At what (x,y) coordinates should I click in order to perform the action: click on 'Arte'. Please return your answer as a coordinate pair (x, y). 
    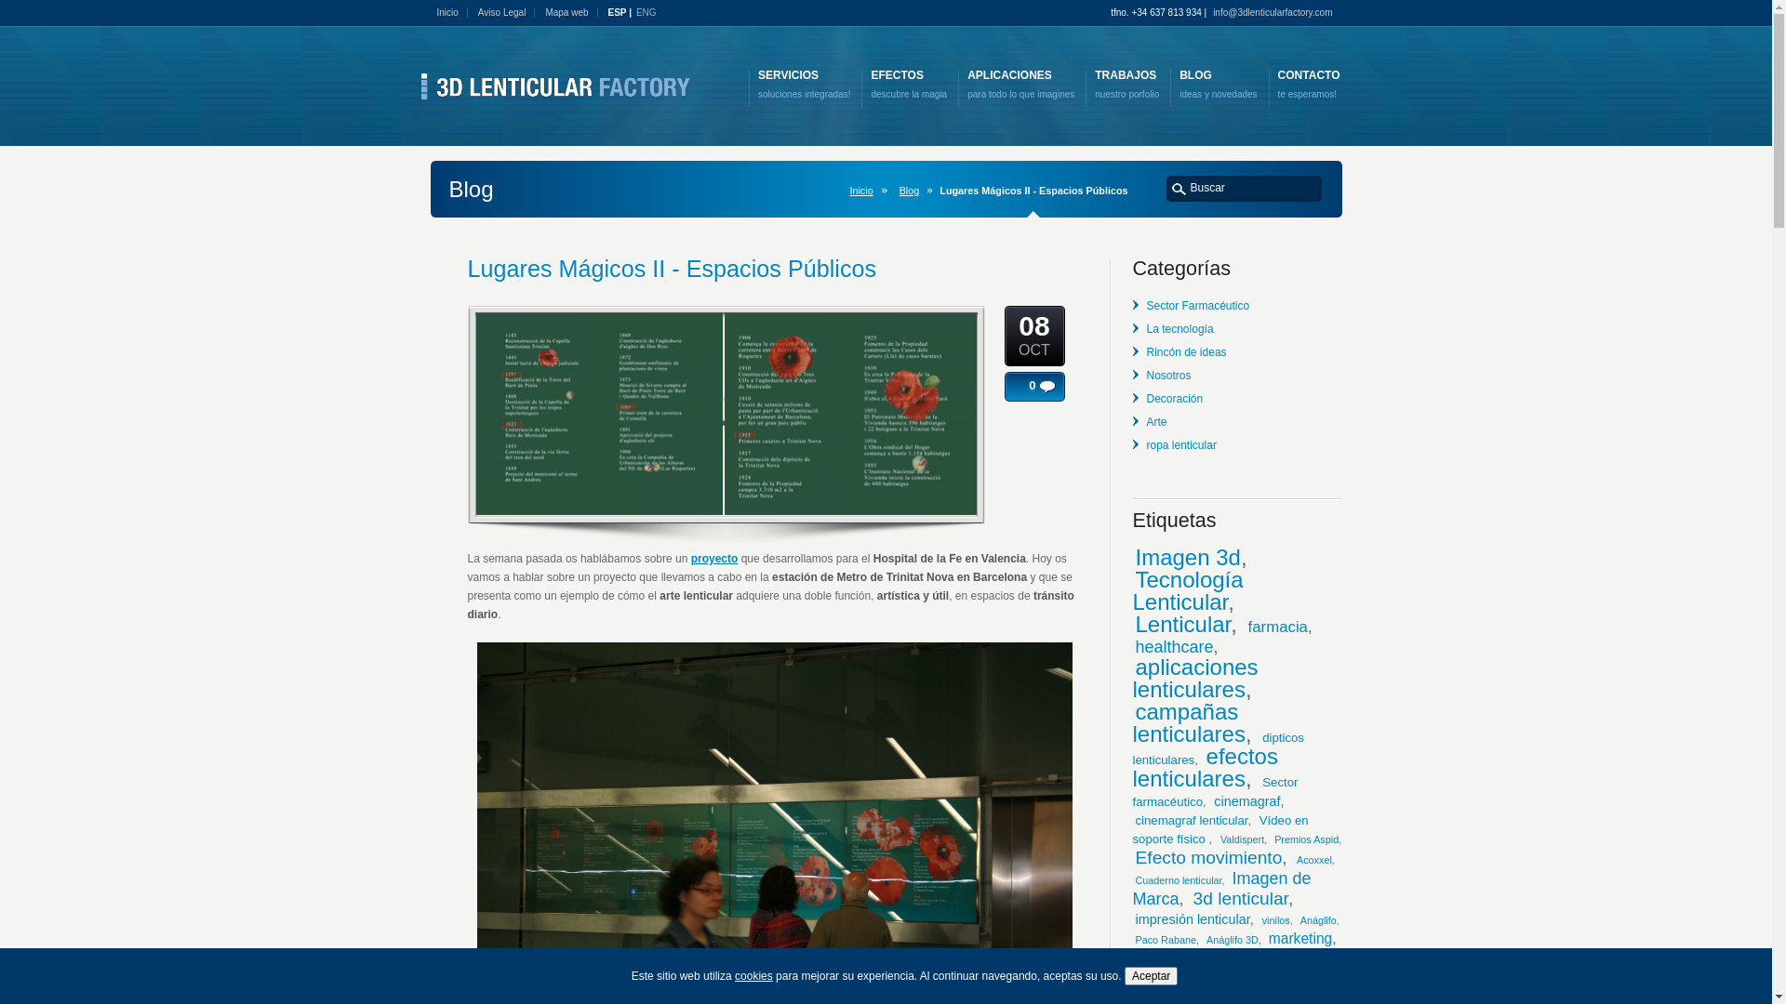
    Looking at the image, I should click on (1155, 422).